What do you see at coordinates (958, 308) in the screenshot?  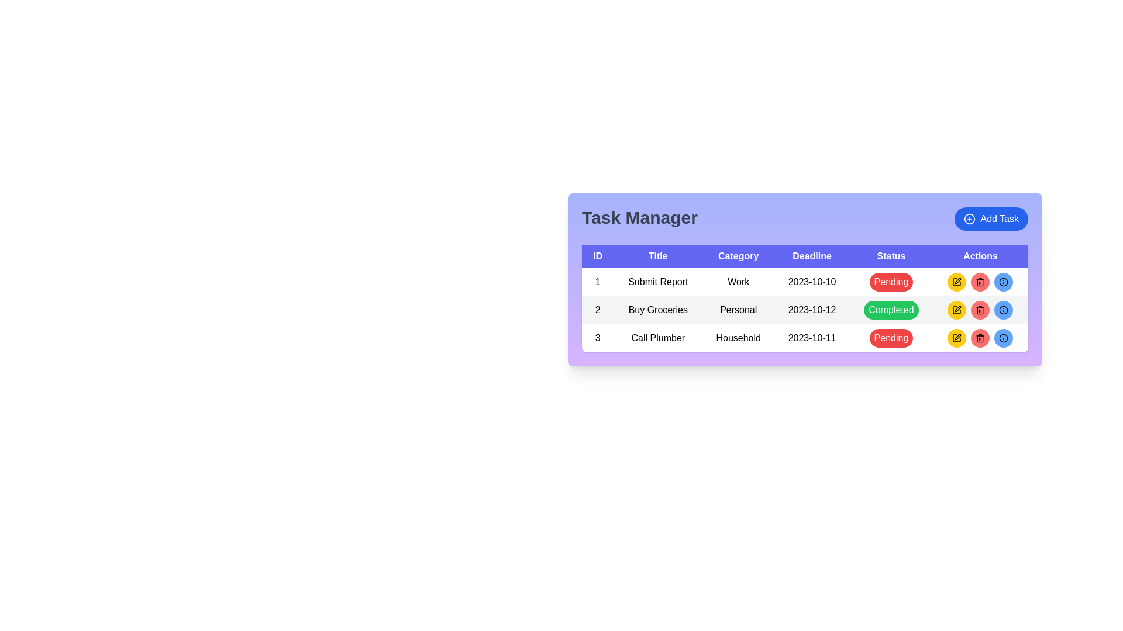 I see `the edit icon` at bounding box center [958, 308].